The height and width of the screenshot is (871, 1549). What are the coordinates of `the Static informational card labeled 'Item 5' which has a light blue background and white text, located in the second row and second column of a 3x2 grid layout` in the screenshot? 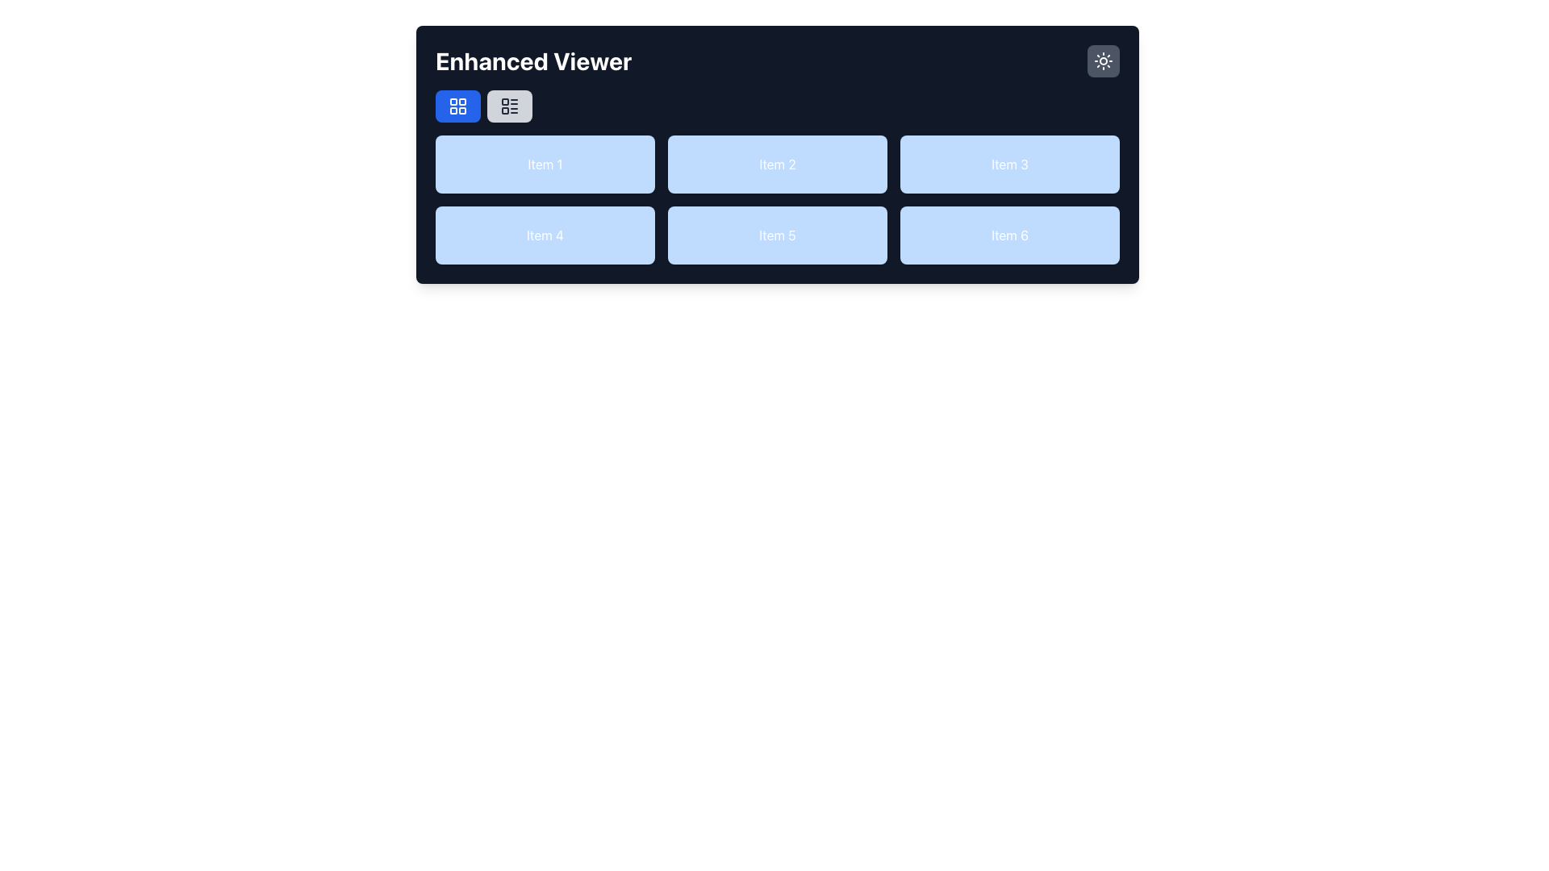 It's located at (778, 235).